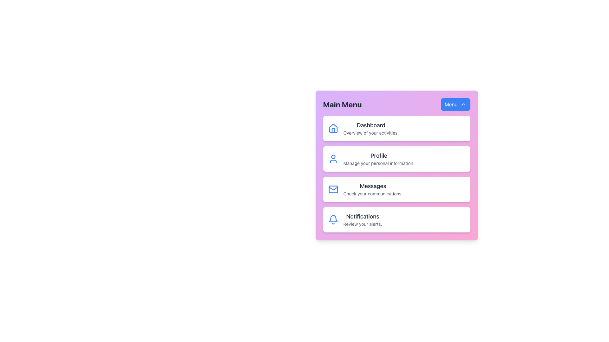 Image resolution: width=609 pixels, height=342 pixels. What do you see at coordinates (379, 156) in the screenshot?
I see `the 'Profile' text label which is styled in bold, dark gray, and is part of the menu layout, located above 'Manage your personal information.'` at bounding box center [379, 156].